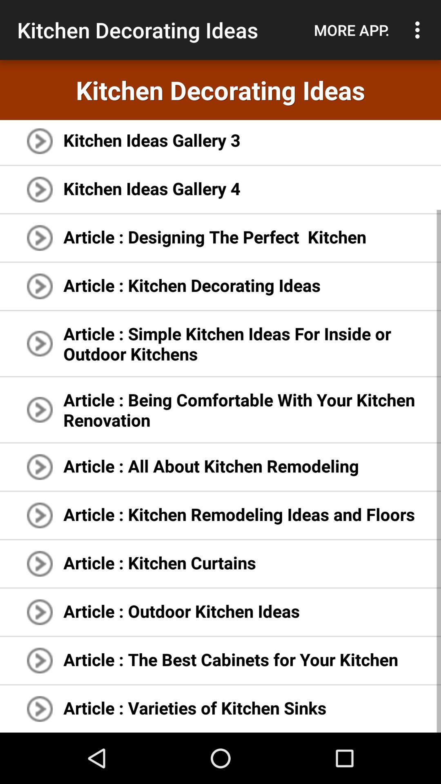 Image resolution: width=441 pixels, height=784 pixels. What do you see at coordinates (419, 30) in the screenshot?
I see `the icon to the right of the more app.` at bounding box center [419, 30].